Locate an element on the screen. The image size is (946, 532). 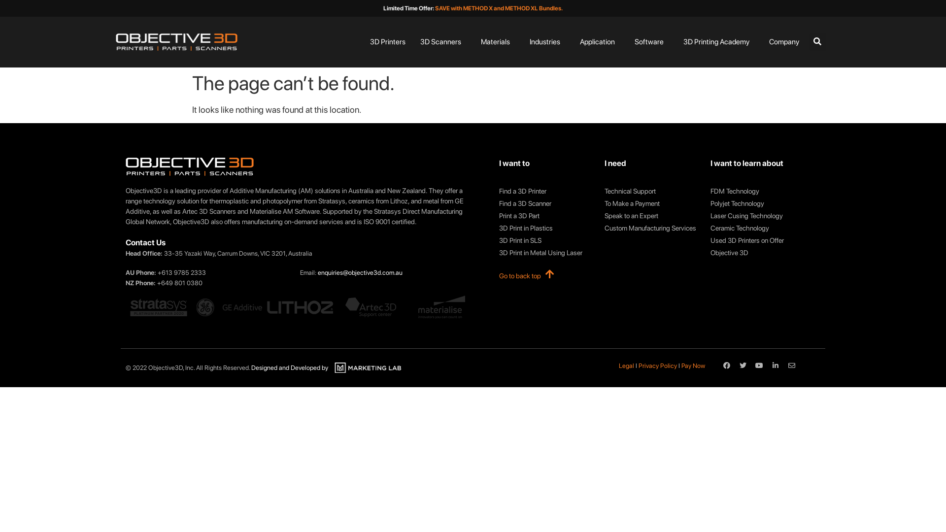
'Go to back top' is located at coordinates (499, 275).